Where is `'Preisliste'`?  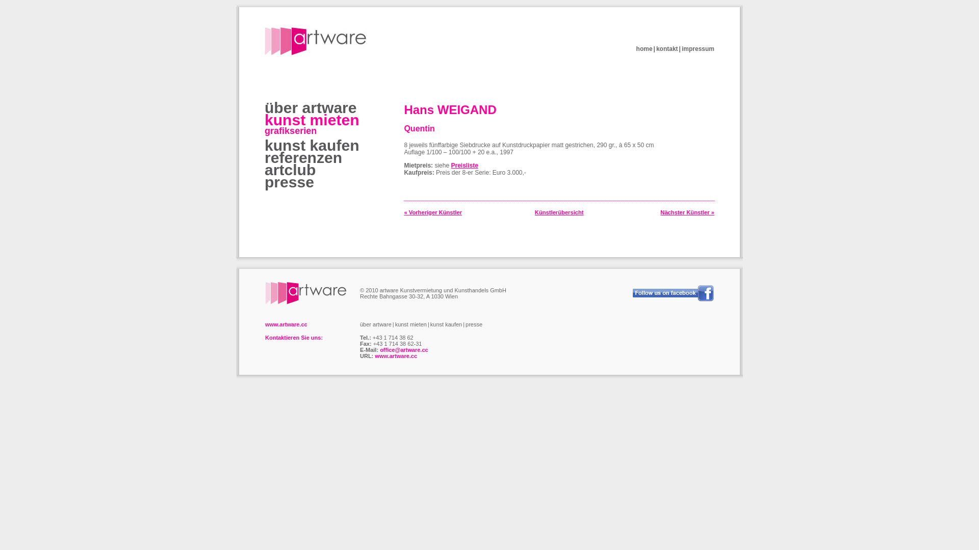
'Preisliste' is located at coordinates (463, 164).